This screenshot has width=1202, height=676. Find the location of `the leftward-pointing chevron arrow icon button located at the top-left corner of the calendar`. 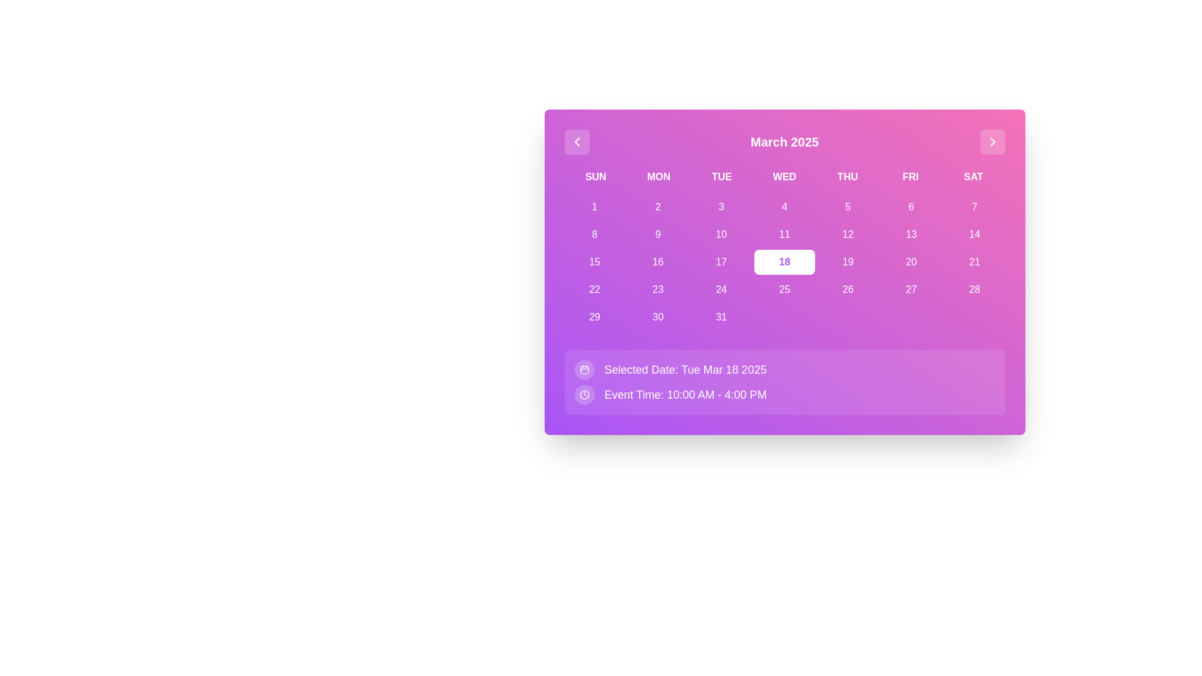

the leftward-pointing chevron arrow icon button located at the top-left corner of the calendar is located at coordinates (576, 141).